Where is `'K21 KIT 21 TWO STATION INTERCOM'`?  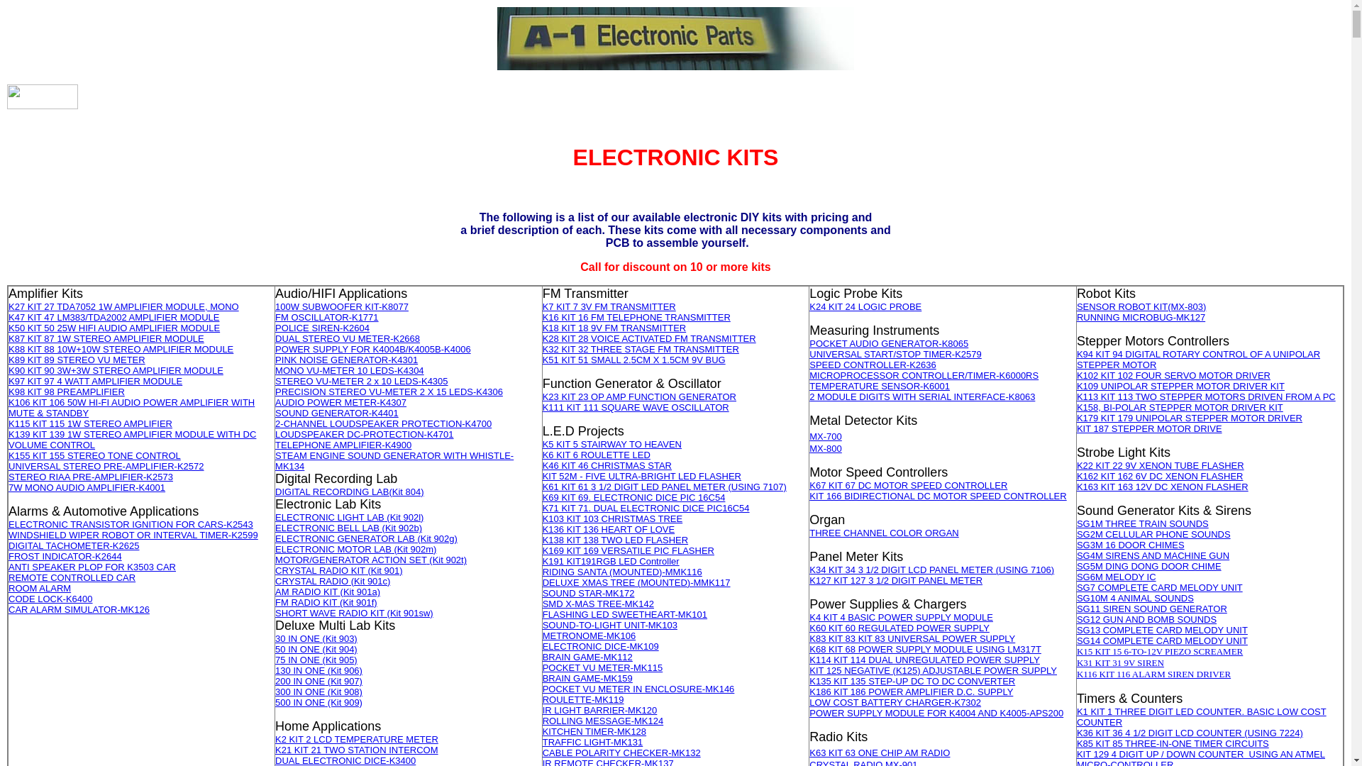
'K21 KIT 21 TWO STATION INTERCOM' is located at coordinates (356, 749).